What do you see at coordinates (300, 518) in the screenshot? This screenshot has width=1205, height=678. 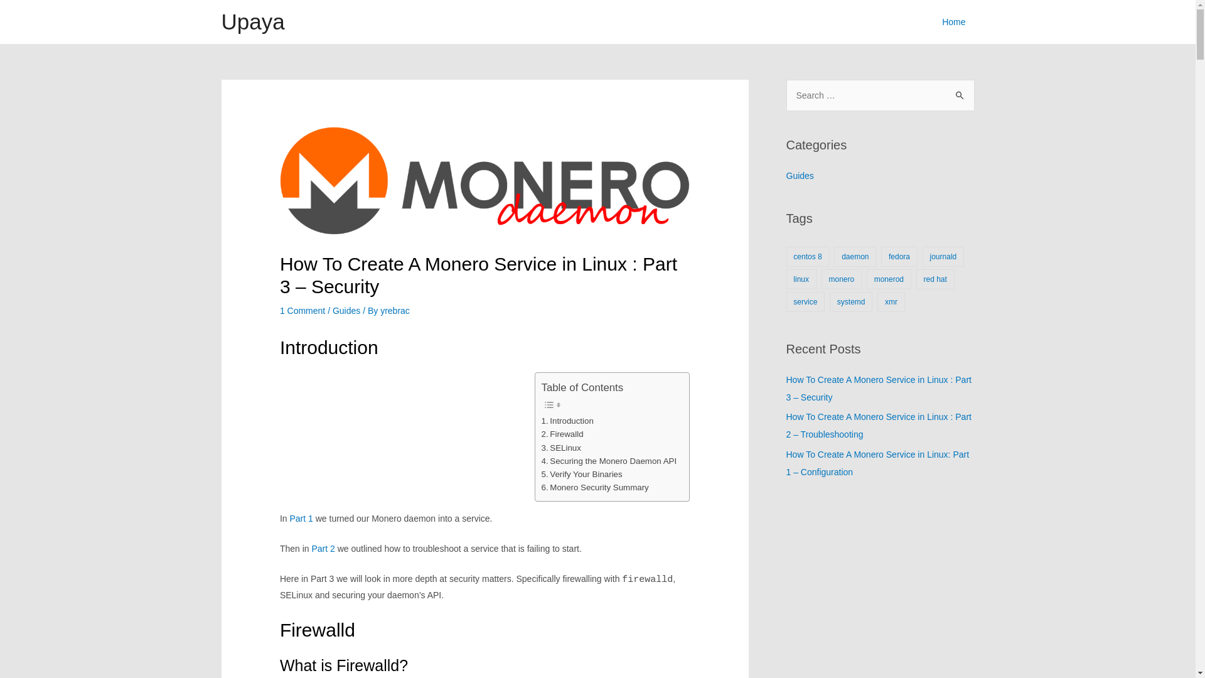 I see `'Part 1'` at bounding box center [300, 518].